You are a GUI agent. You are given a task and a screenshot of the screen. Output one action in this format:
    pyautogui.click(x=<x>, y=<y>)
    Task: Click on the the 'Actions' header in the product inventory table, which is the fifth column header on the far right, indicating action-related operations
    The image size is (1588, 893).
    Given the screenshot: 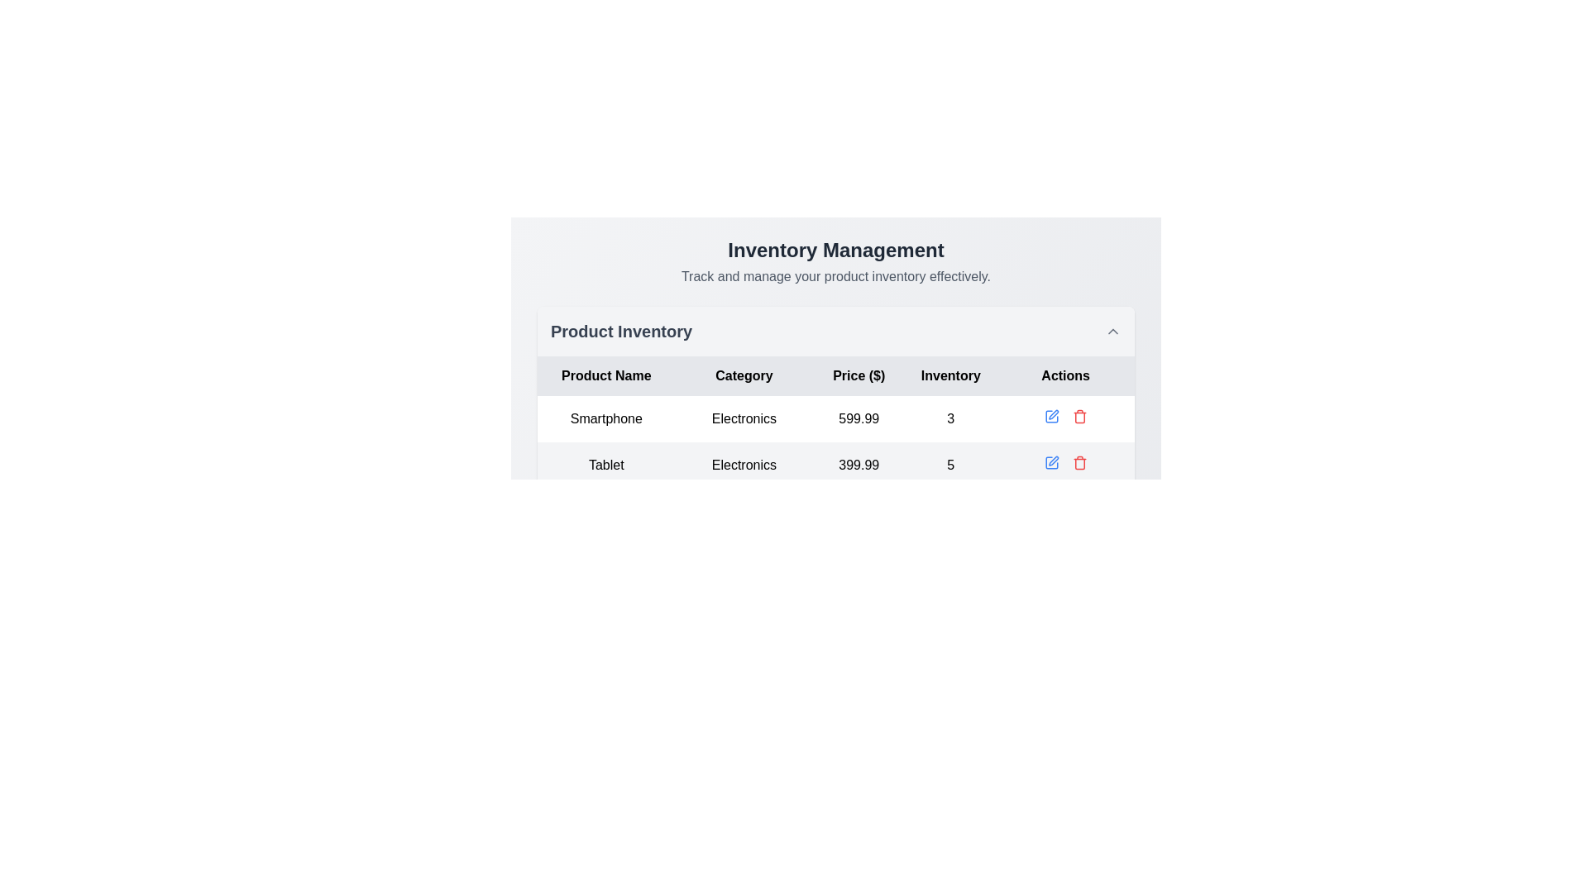 What is the action you would take?
    pyautogui.click(x=1065, y=376)
    